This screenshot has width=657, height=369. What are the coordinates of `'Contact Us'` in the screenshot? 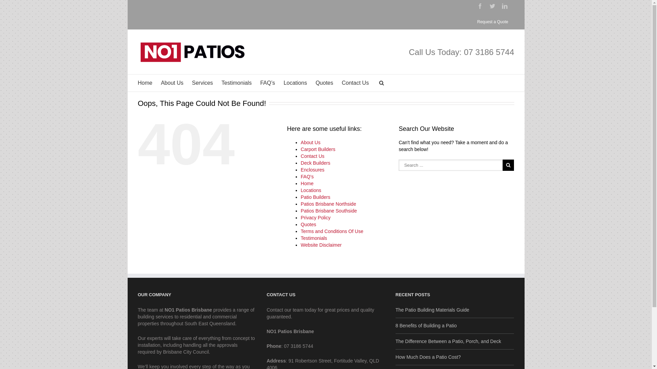 It's located at (312, 156).